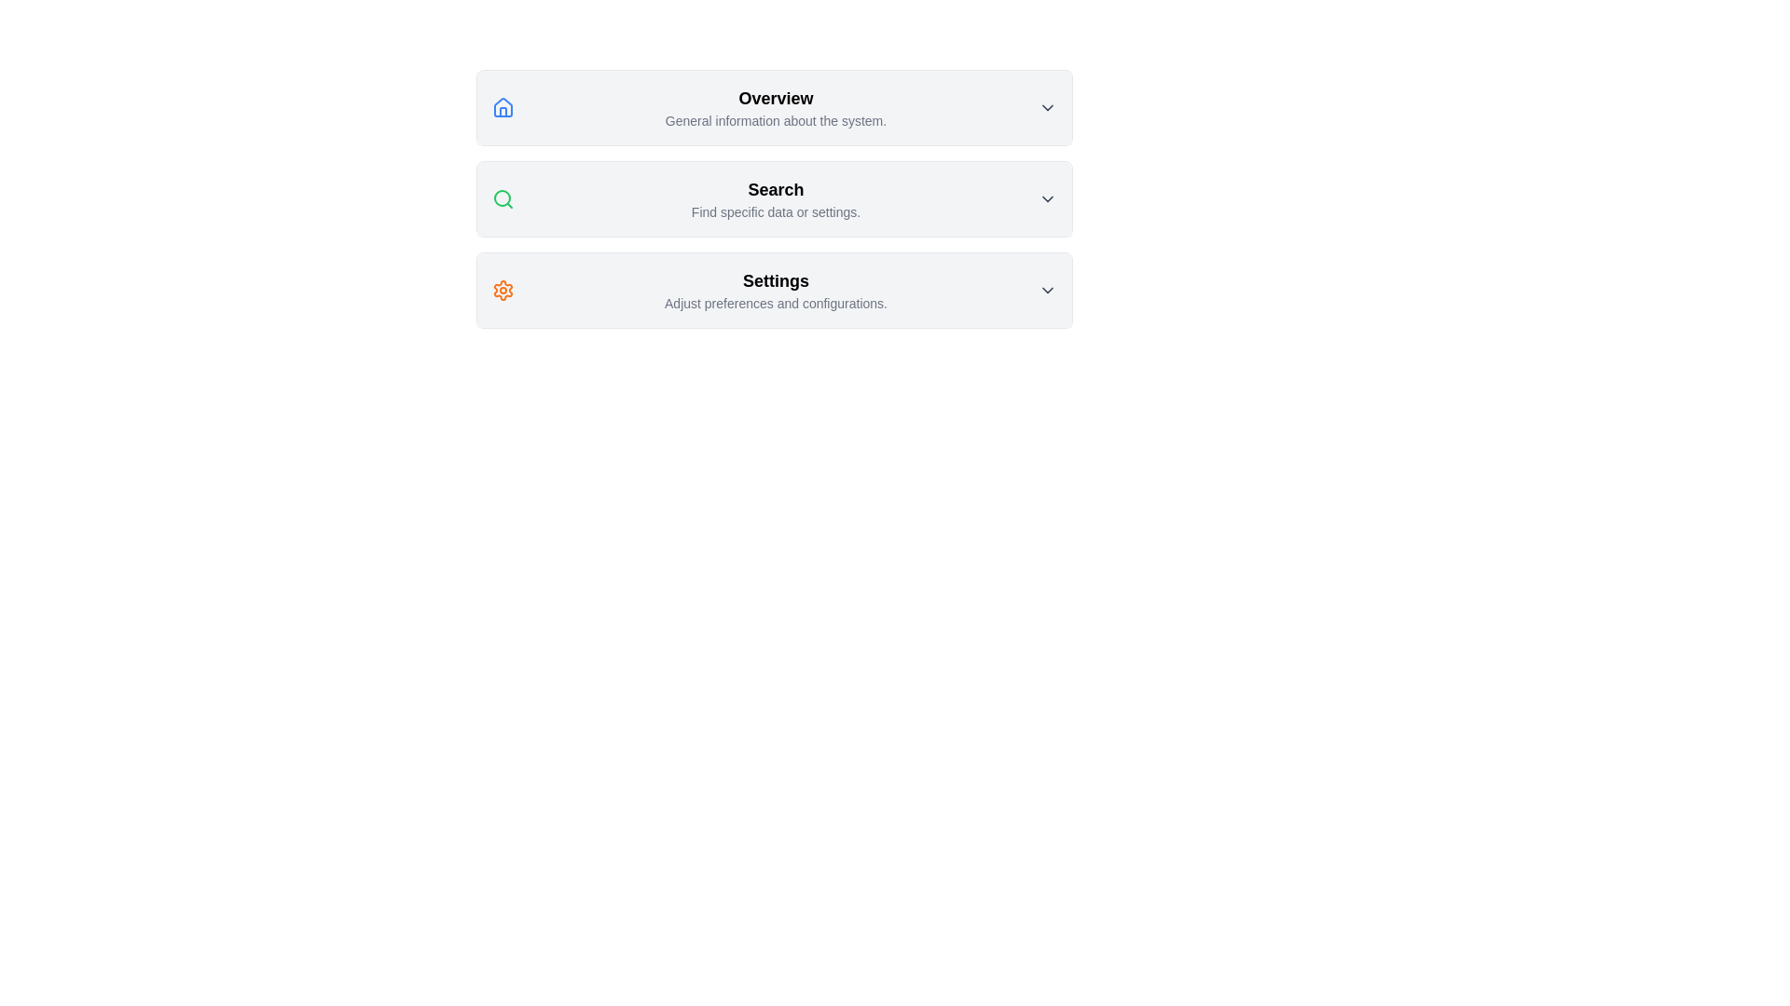  What do you see at coordinates (774, 198) in the screenshot?
I see `the expandable menu item titled 'Search', which features a green magnifying glass icon and a downward arrow for expansion` at bounding box center [774, 198].